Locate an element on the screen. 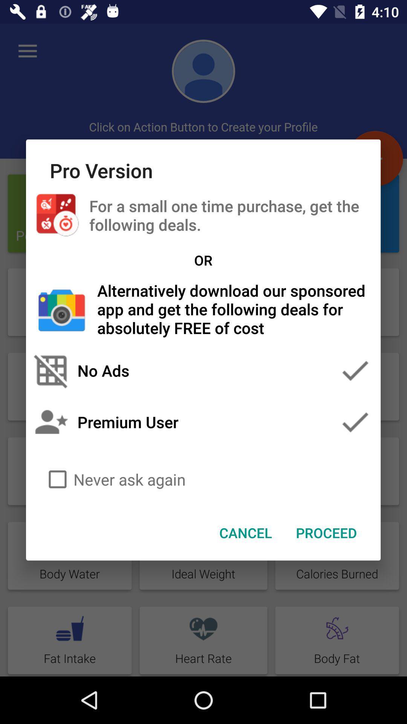  the item at the bottom right corner is located at coordinates (326, 532).